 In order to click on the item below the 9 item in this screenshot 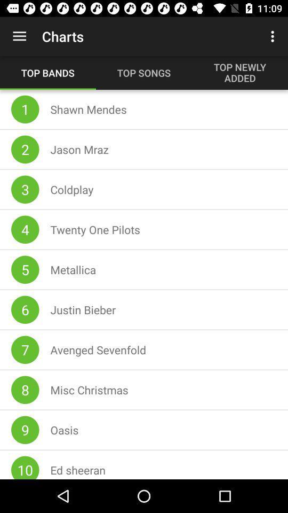, I will do `click(25, 467)`.